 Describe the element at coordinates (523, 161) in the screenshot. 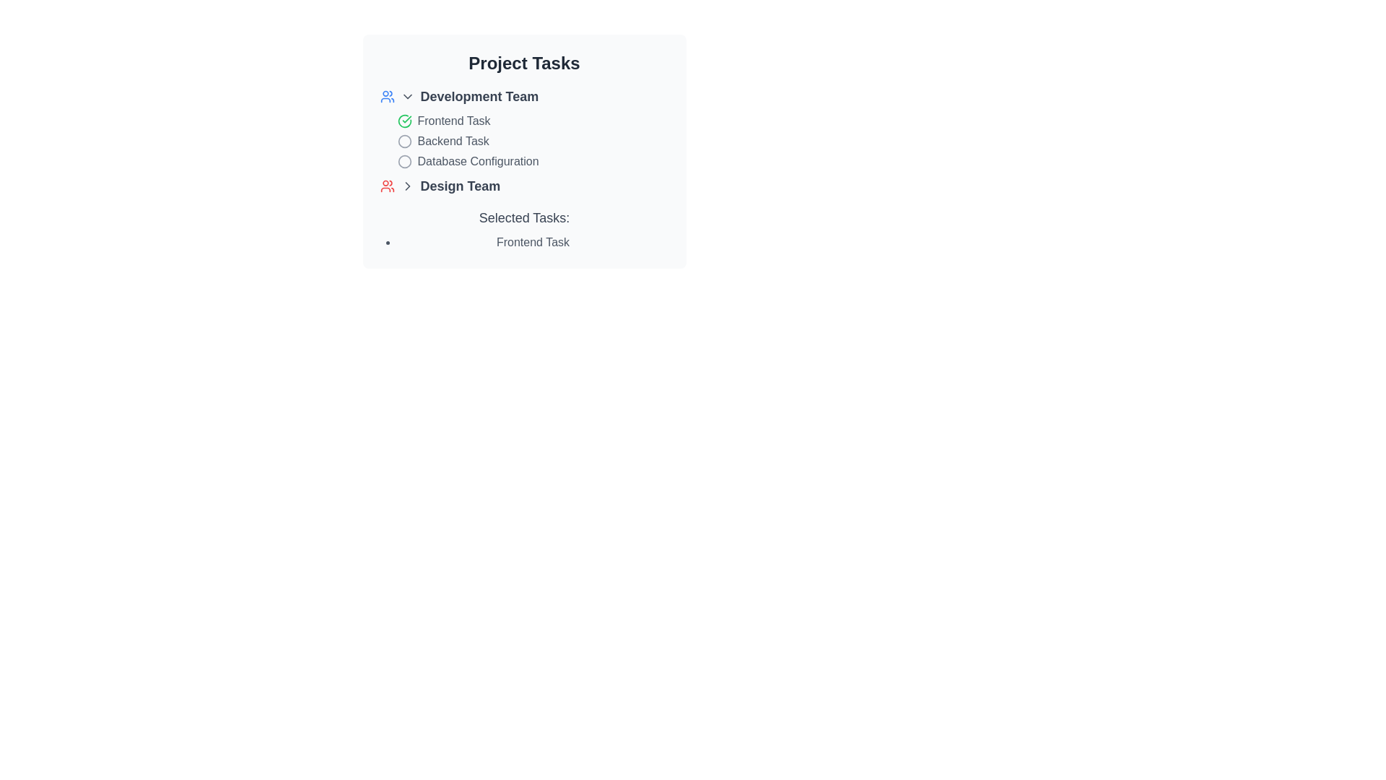

I see `the 'Database Configuration' button, which is a clickable item with a circular outline icon to its left, located towards the center-right of the interface` at that location.